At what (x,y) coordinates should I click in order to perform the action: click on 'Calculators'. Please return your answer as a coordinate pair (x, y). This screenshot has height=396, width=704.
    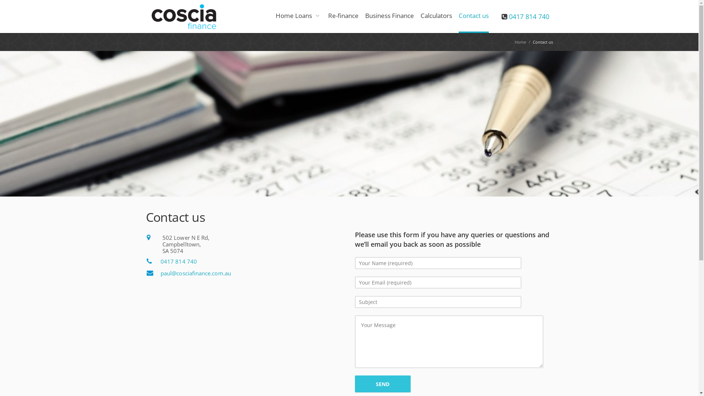
    Looking at the image, I should click on (436, 16).